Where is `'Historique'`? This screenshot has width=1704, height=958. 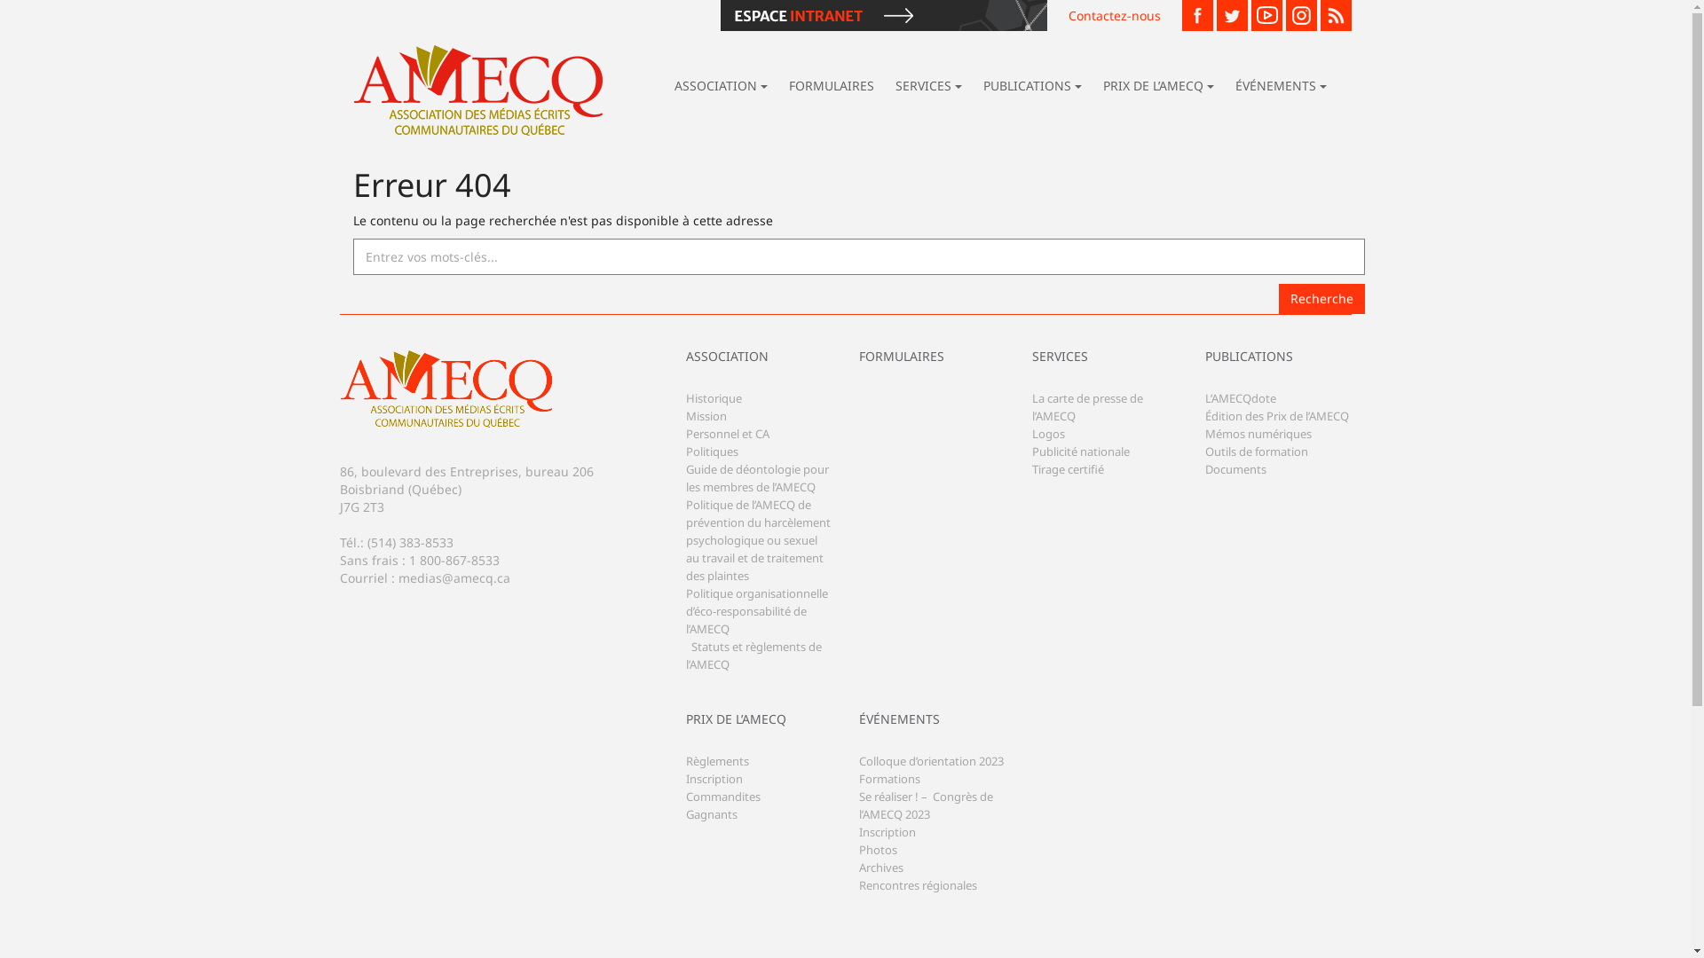 'Historique' is located at coordinates (713, 411).